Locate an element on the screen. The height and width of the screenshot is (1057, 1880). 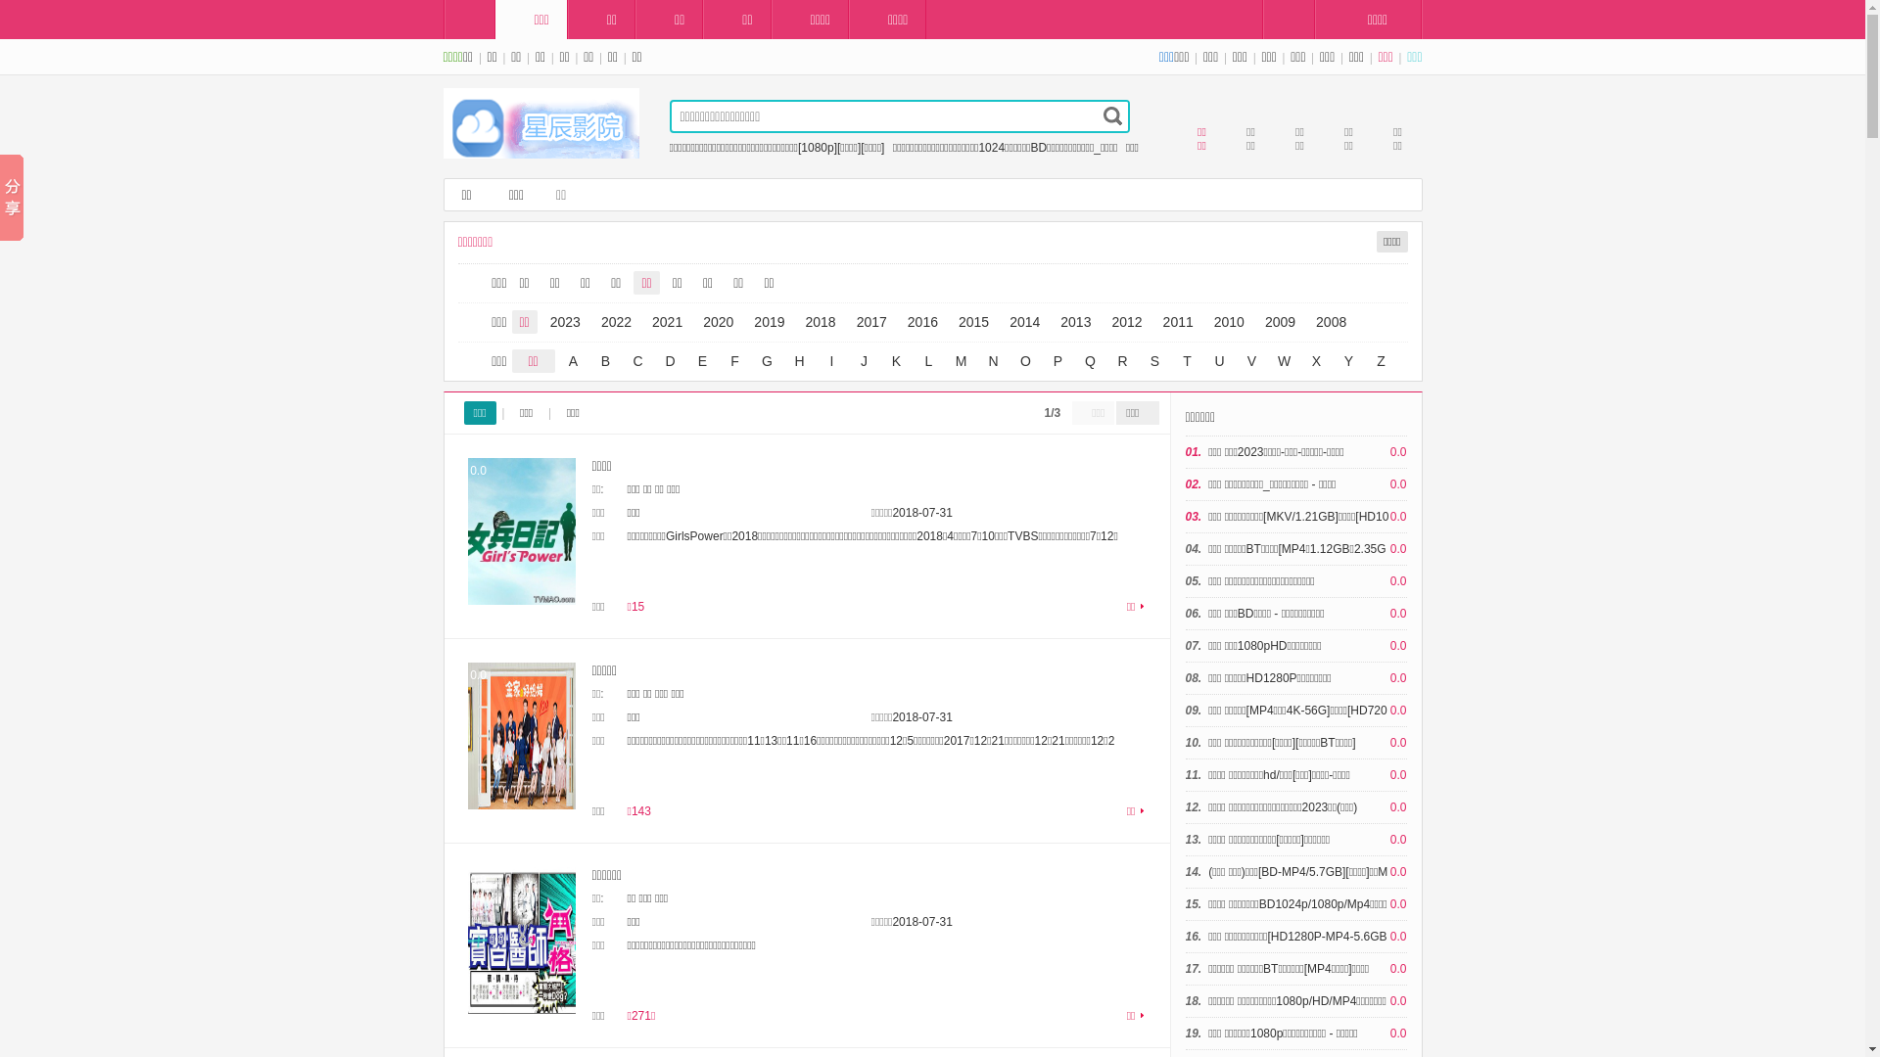
'2011' is located at coordinates (1177, 320).